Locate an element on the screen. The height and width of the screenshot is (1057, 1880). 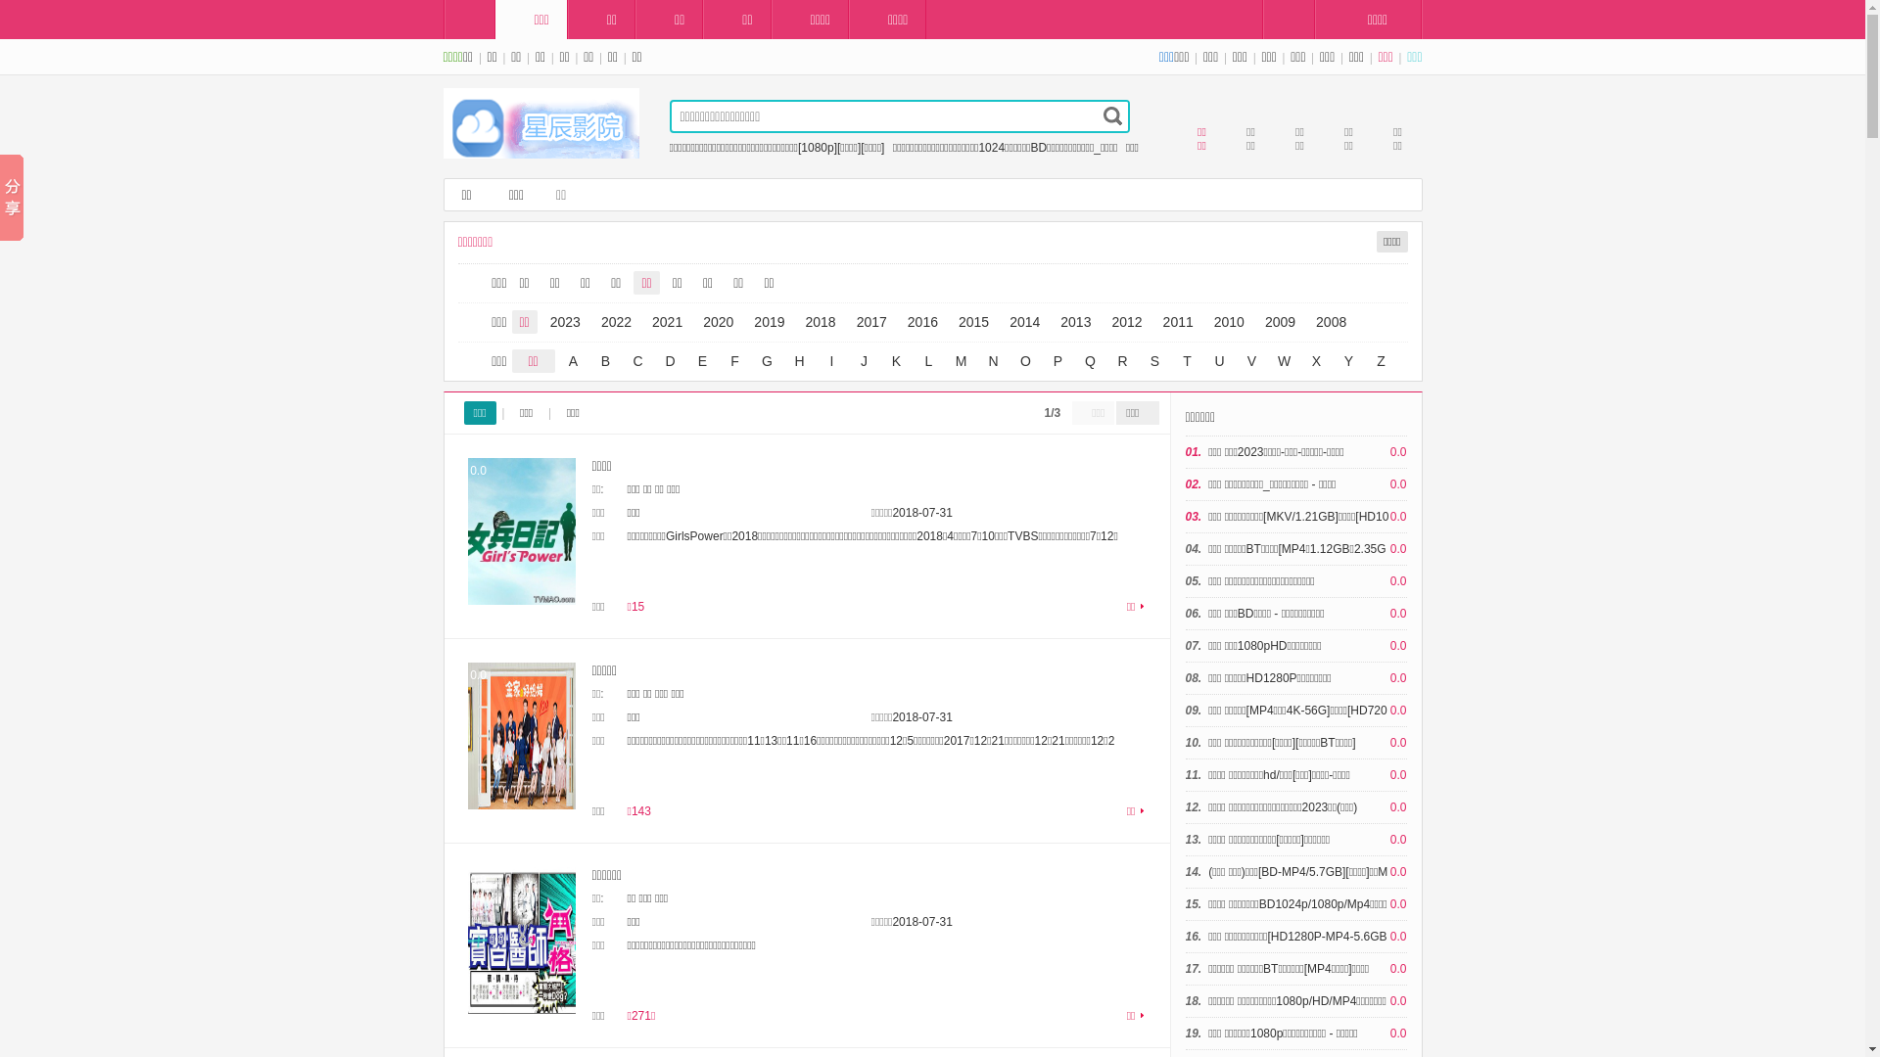
'2011' is located at coordinates (1177, 320).